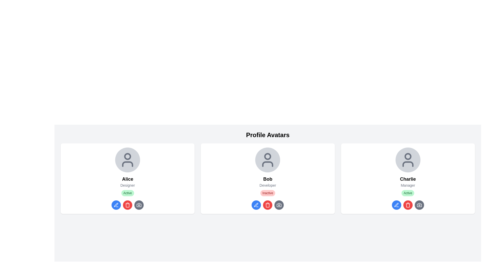 Image resolution: width=498 pixels, height=280 pixels. Describe the element at coordinates (407, 160) in the screenshot. I see `the User Profile Placeholder which is a circular UI component with a light gray background, a white border, and a user icon resembling a person's silhouette, located in the top section of the card associated with 'Charlie'` at that location.